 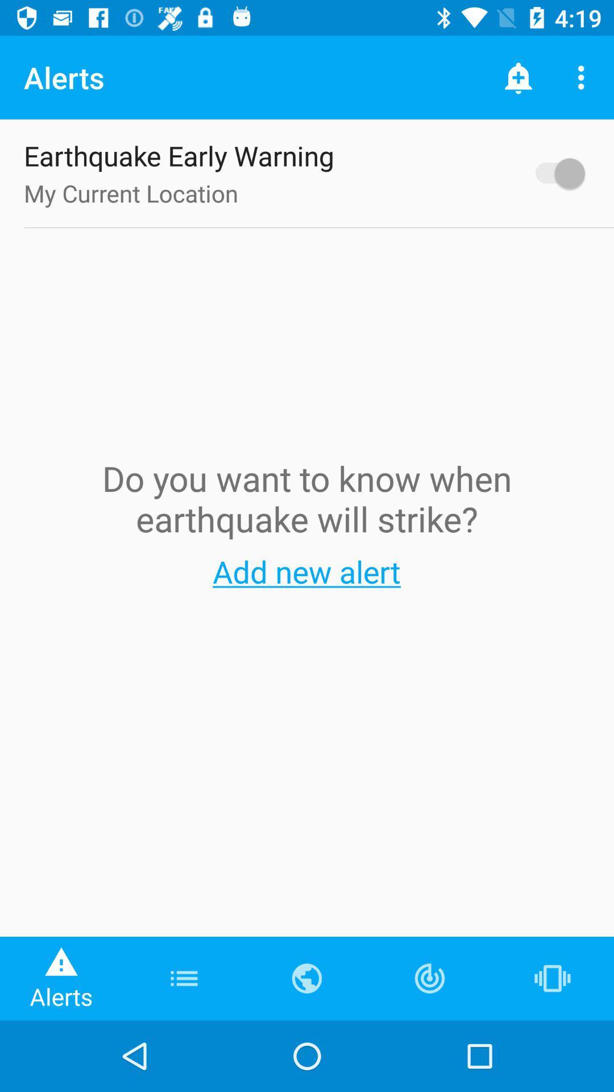 I want to click on enable warning, so click(x=554, y=172).